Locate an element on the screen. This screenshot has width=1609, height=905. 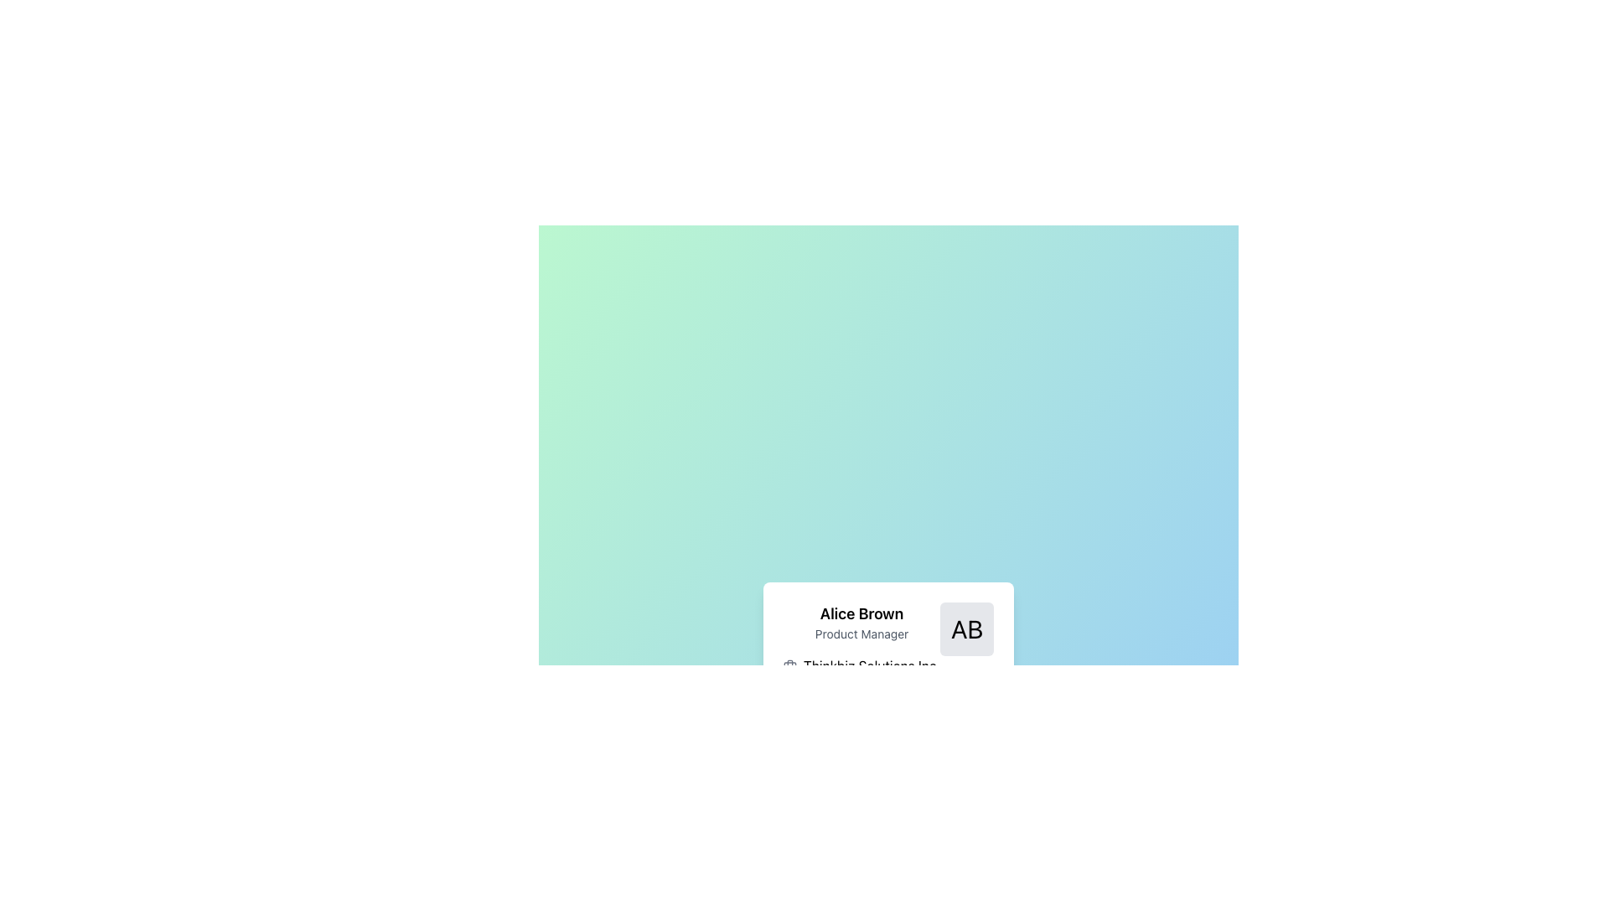
text label 'Thinkbiz Solutions Inc.' which is accompanied by a briefcase icon, uniquely positioned below the header section containing 'Alice Brown' and 'Product Manager' is located at coordinates (861, 665).